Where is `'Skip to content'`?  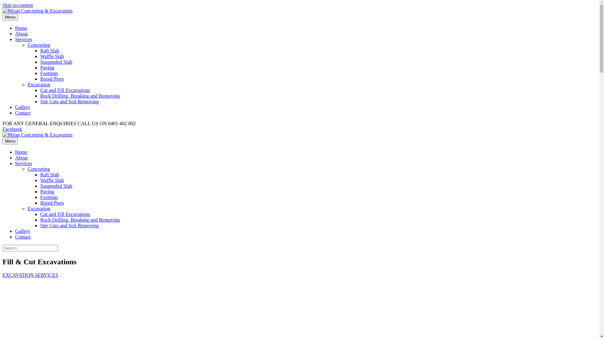
'Skip to content' is located at coordinates (18, 5).